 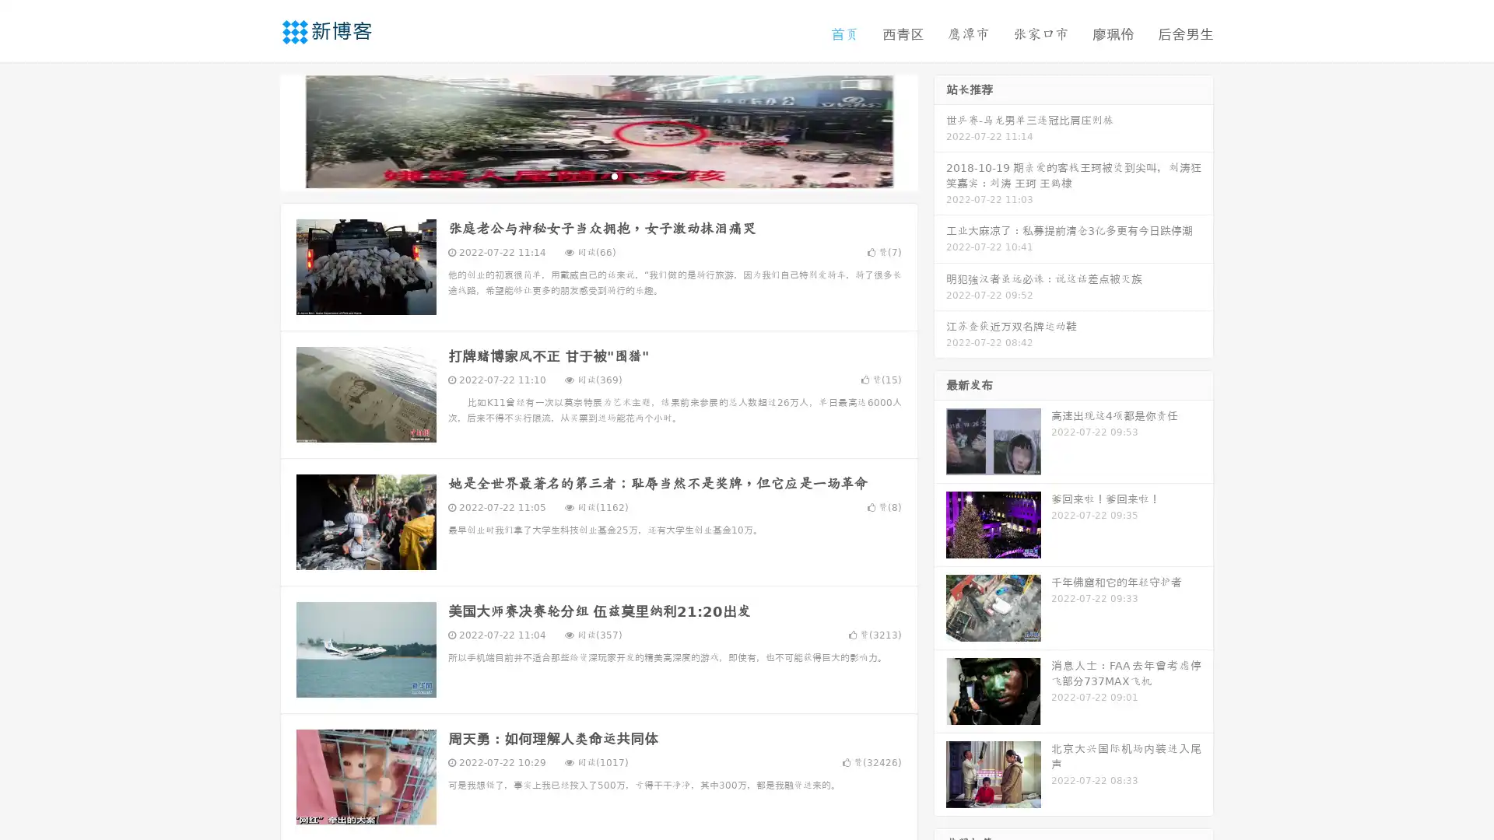 What do you see at coordinates (598, 175) in the screenshot?
I see `Go to slide 2` at bounding box center [598, 175].